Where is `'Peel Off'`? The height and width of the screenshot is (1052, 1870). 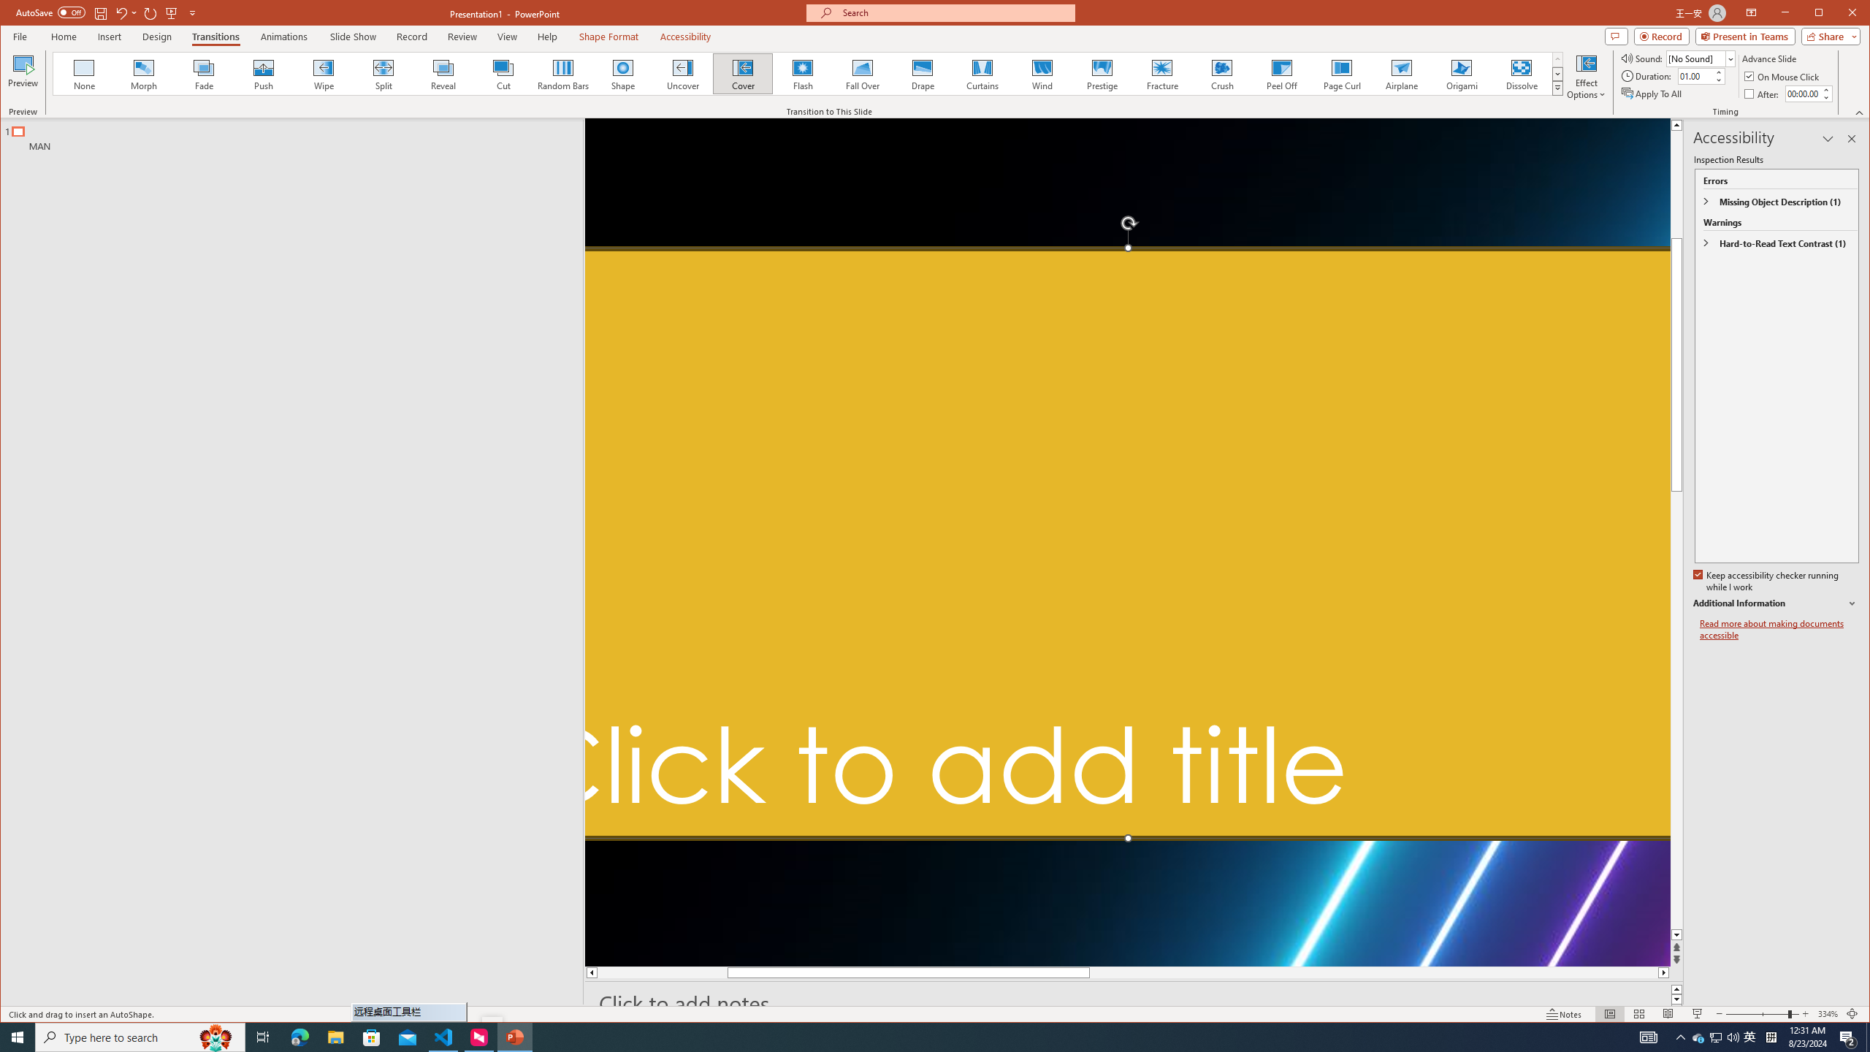 'Peel Off' is located at coordinates (1283, 73).